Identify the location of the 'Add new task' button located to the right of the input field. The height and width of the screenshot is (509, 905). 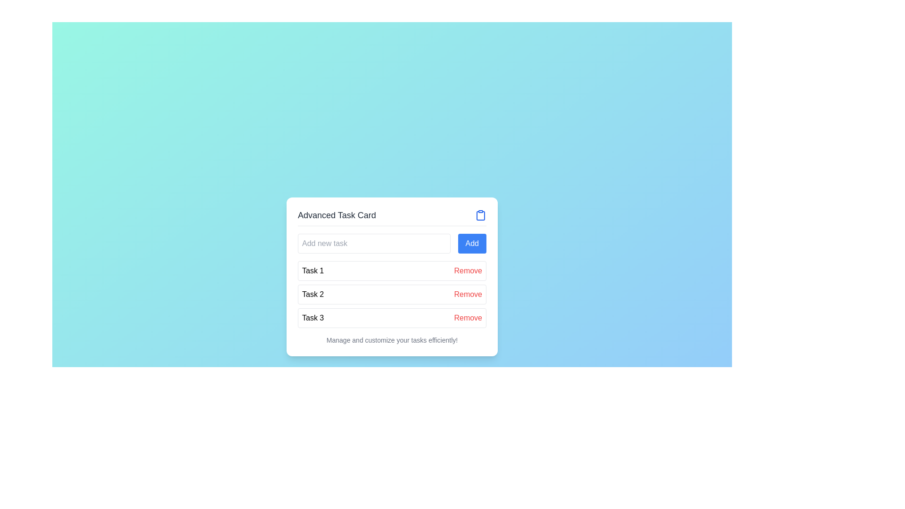
(472, 243).